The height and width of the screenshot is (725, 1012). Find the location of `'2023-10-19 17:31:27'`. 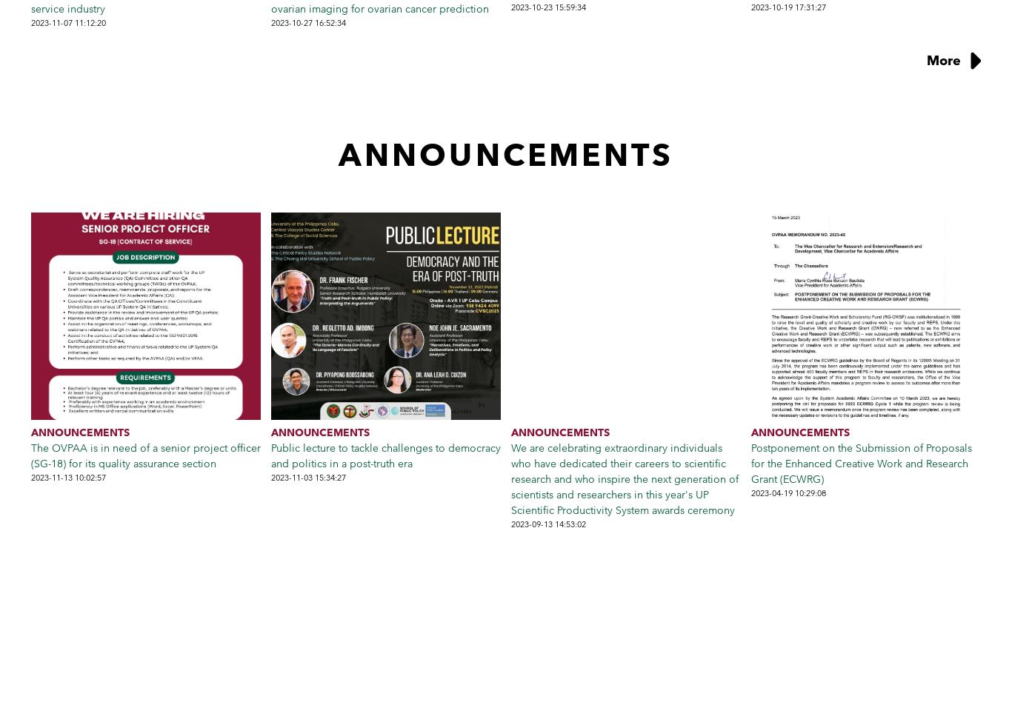

'2023-10-19 17:31:27' is located at coordinates (750, 7).